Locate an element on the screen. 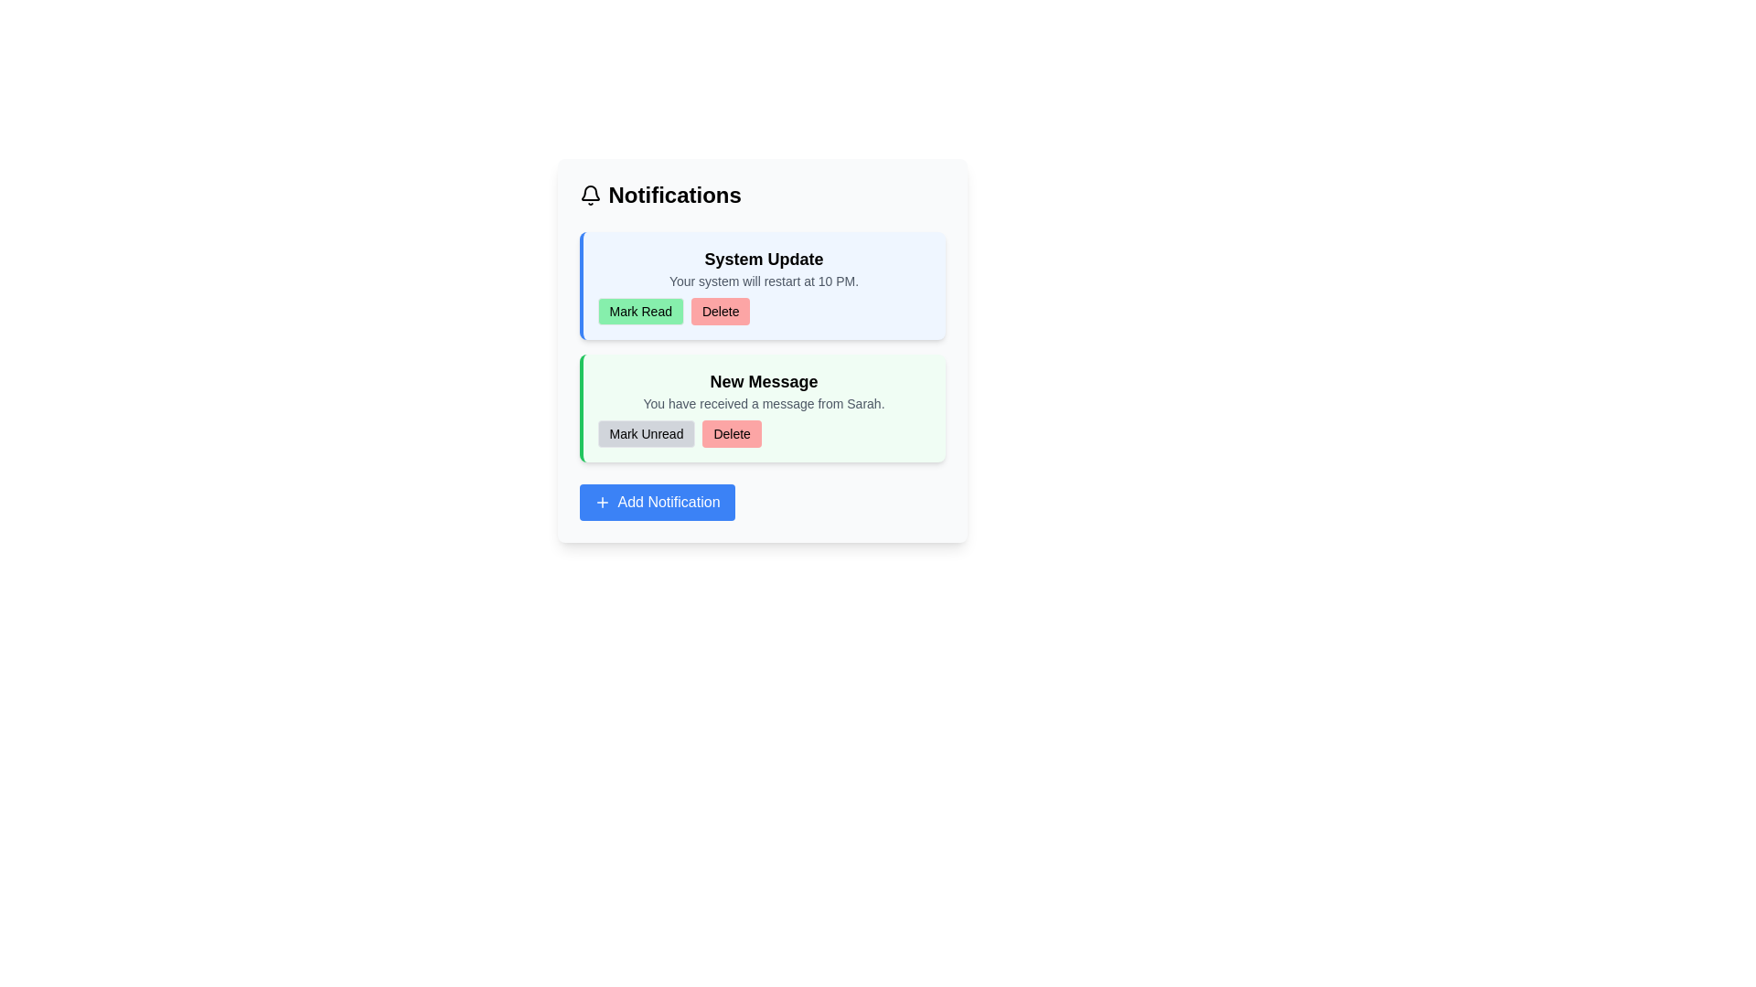  the 'Mark Read' button, which is the leftmost button in the 'System Update' notification card, to trigger the tooltip or highlight effect is located at coordinates (640, 310).